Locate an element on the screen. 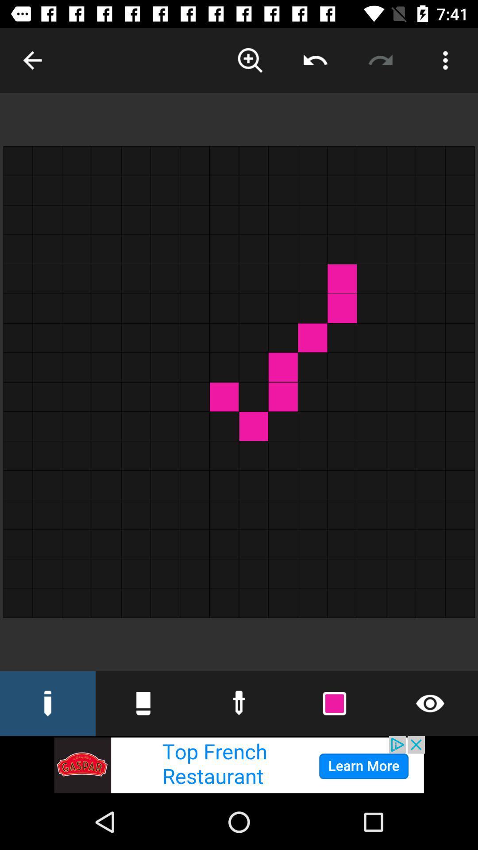  parameter button is located at coordinates (445, 60).